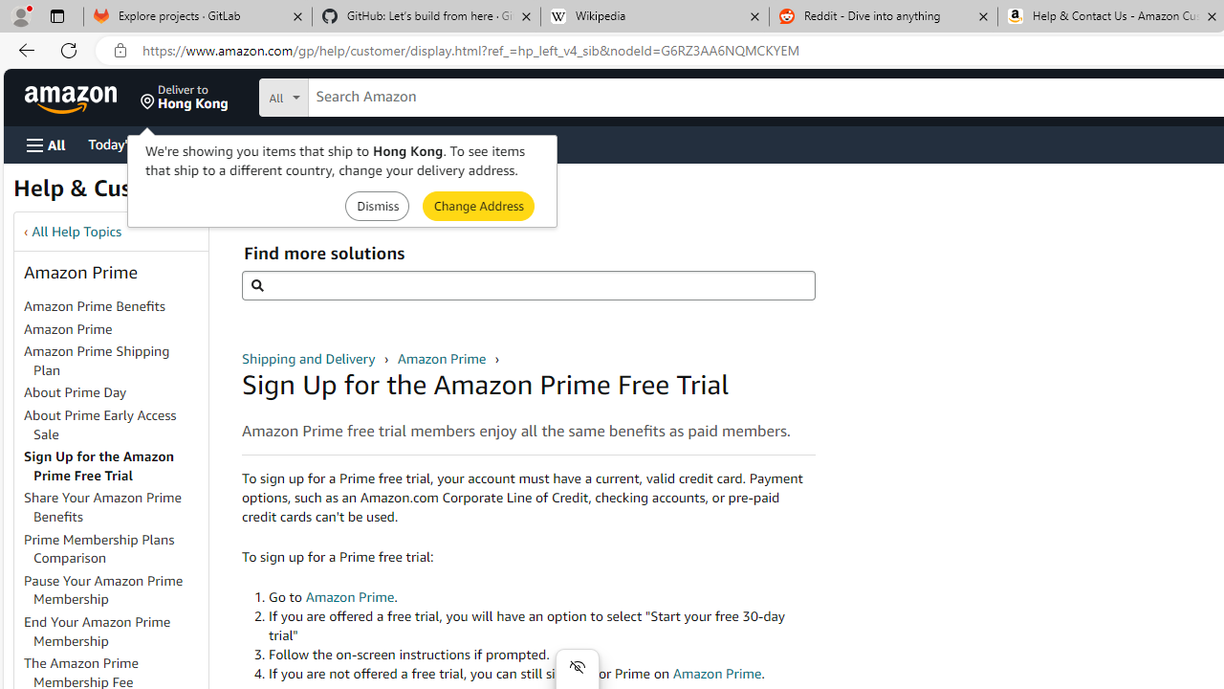 This screenshot has height=689, width=1224. Describe the element at coordinates (127, 143) in the screenshot. I see `'Today'` at that location.